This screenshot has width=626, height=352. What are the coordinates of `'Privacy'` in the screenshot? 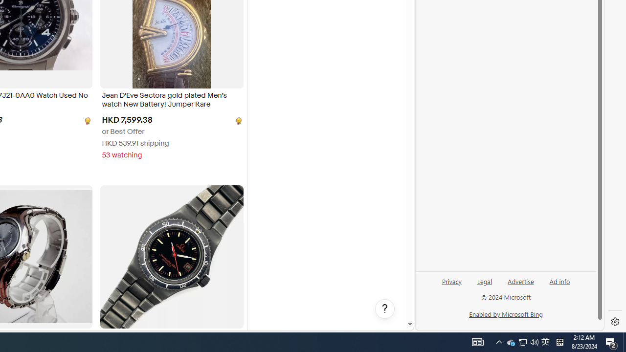 It's located at (451, 281).